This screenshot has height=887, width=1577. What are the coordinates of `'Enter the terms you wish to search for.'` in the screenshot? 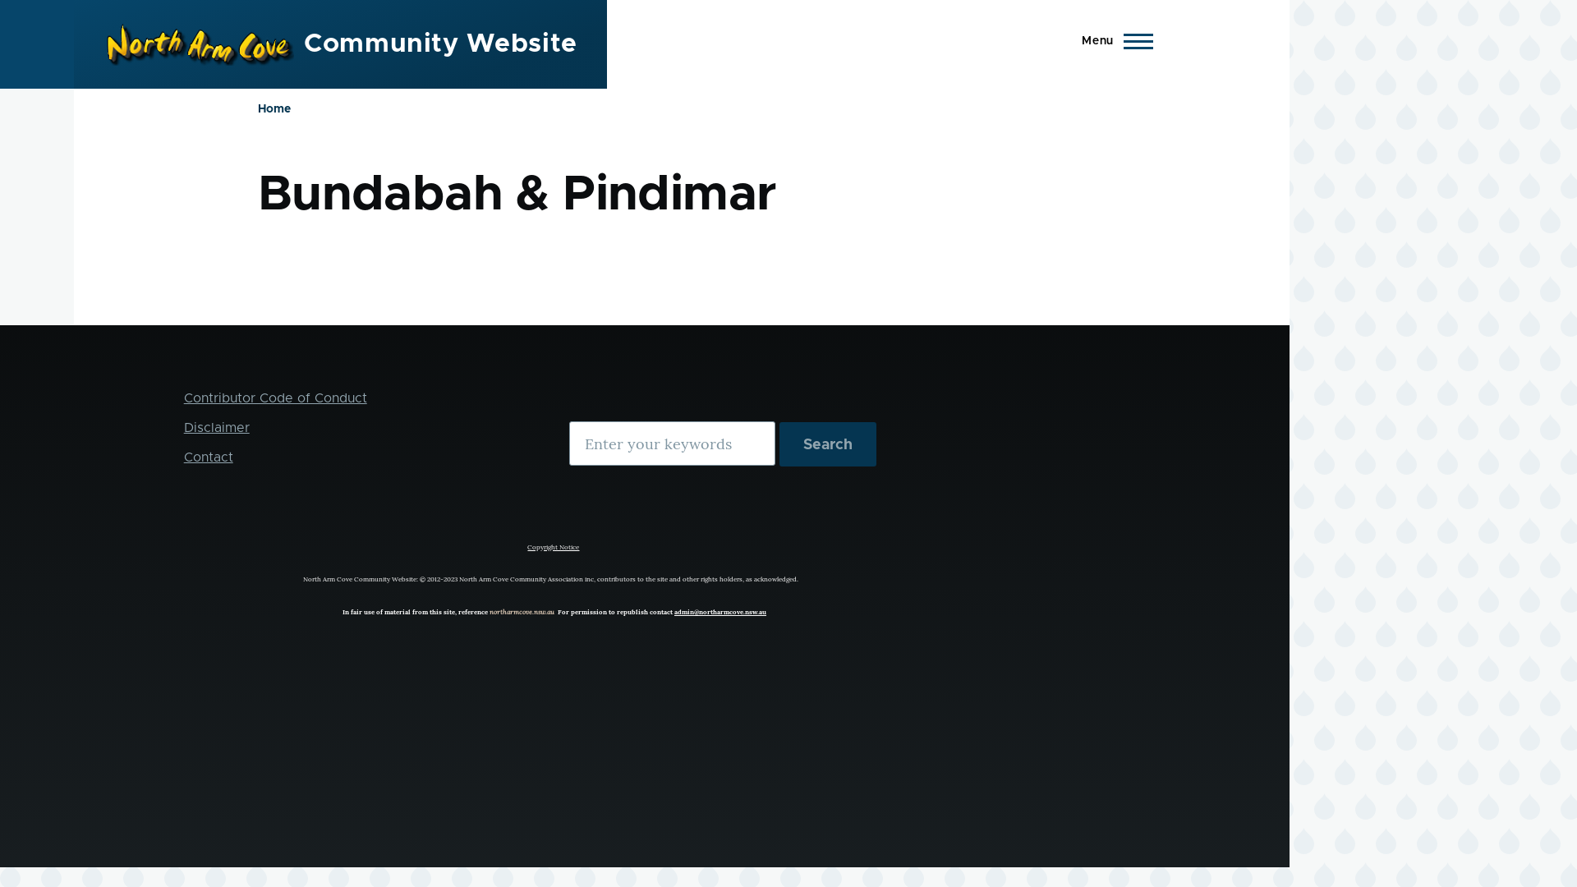 It's located at (672, 443).